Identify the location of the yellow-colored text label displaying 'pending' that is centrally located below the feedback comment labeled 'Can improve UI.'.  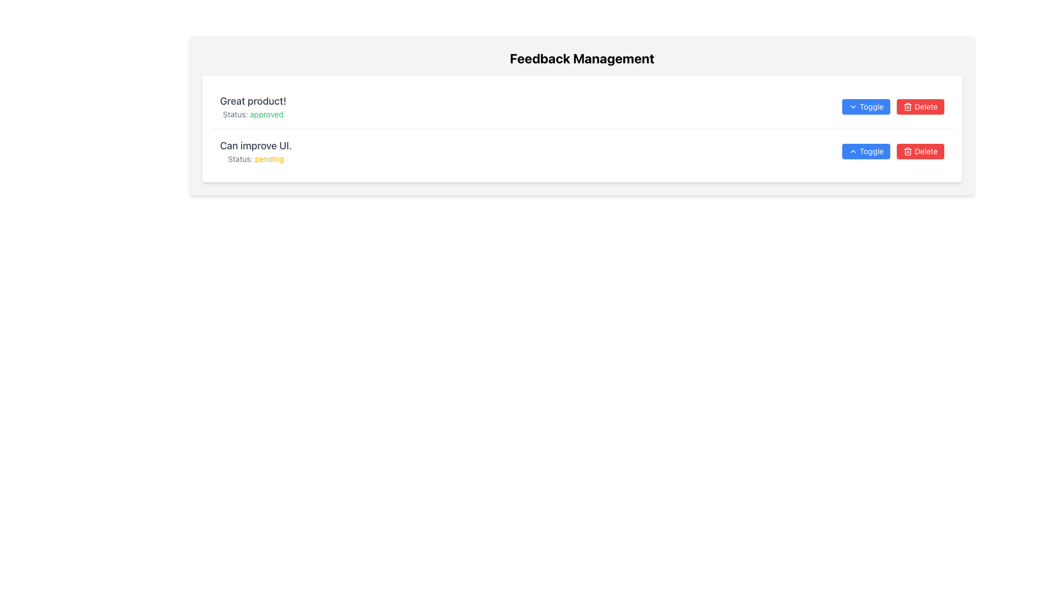
(269, 159).